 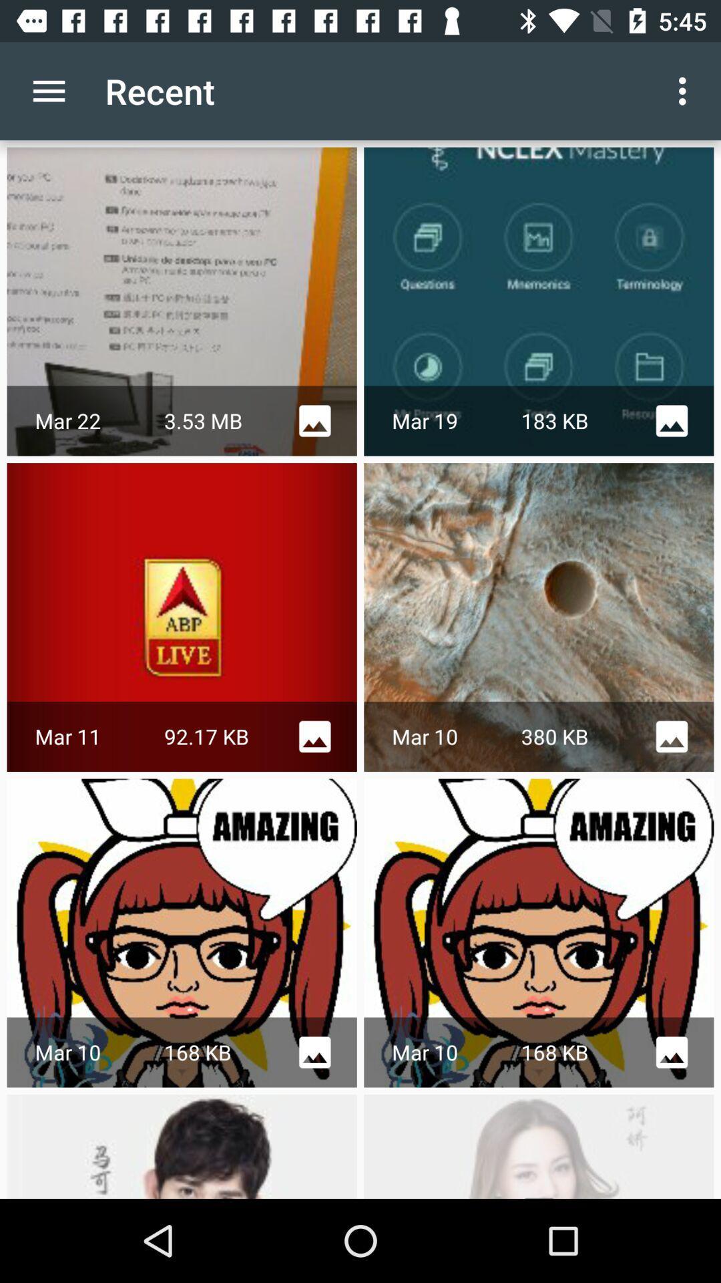 What do you see at coordinates (538, 932) in the screenshot?
I see `the second image which is in third row` at bounding box center [538, 932].